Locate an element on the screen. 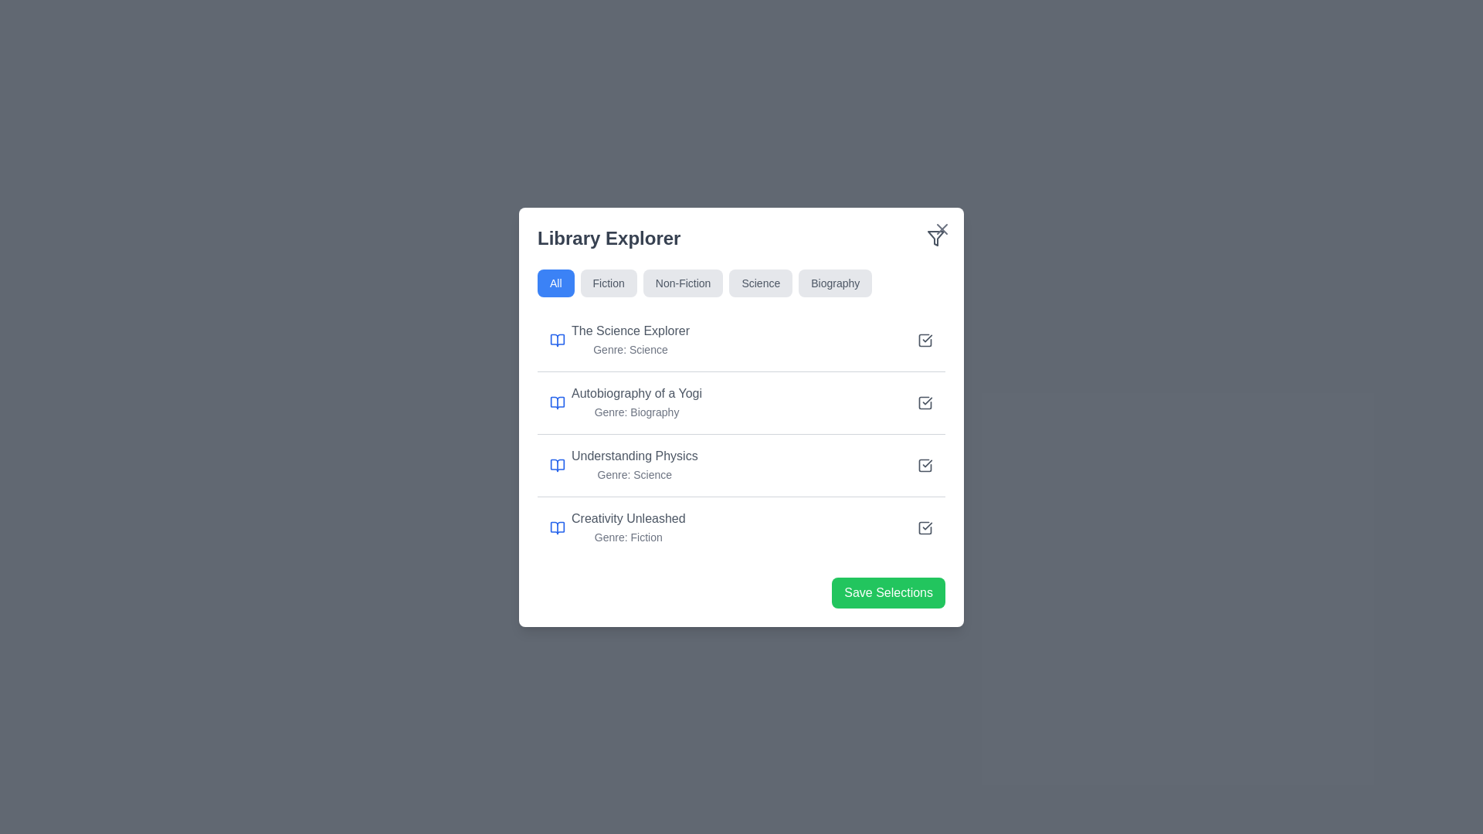 The width and height of the screenshot is (1483, 834). the list item displaying information about the book 'Autobiography of a Yogi' is located at coordinates (741, 401).